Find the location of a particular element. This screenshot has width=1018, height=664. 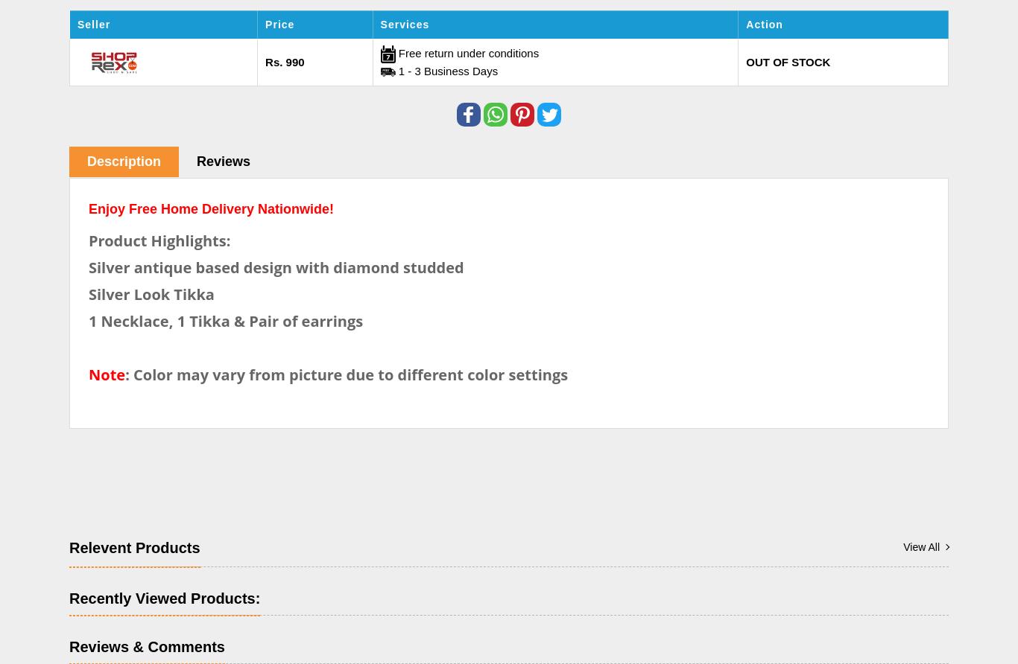

'Relevent Products' is located at coordinates (133, 547).